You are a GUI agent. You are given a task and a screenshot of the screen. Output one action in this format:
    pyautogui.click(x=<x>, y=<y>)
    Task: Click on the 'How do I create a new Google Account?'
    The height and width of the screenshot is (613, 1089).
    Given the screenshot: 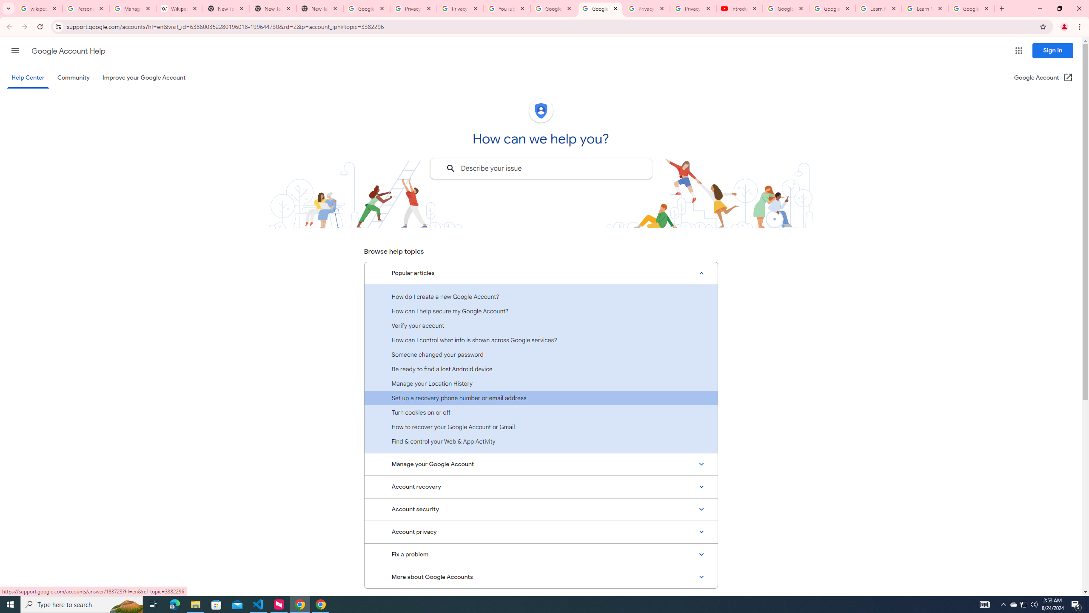 What is the action you would take?
    pyautogui.click(x=541, y=296)
    